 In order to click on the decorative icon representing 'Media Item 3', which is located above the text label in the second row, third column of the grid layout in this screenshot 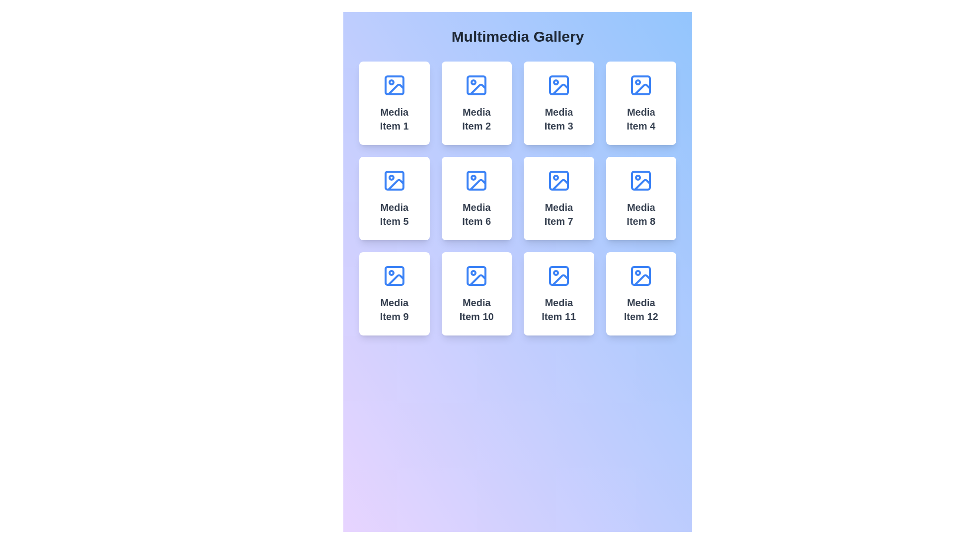, I will do `click(558, 85)`.